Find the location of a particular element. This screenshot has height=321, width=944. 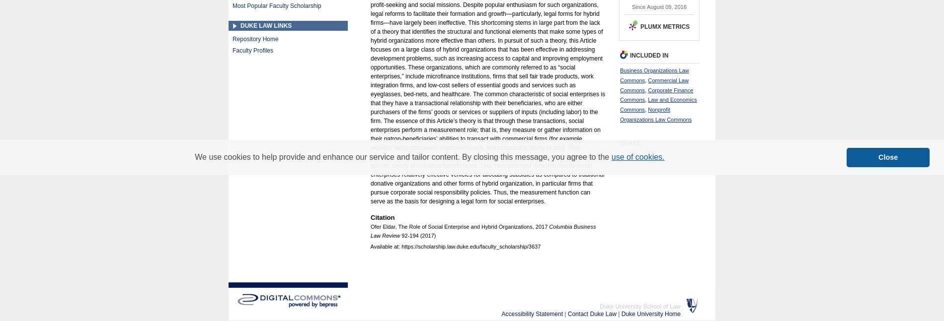

'Available at: https://scholarship.law.duke.edu/faculty_scholarship/3637' is located at coordinates (455, 246).